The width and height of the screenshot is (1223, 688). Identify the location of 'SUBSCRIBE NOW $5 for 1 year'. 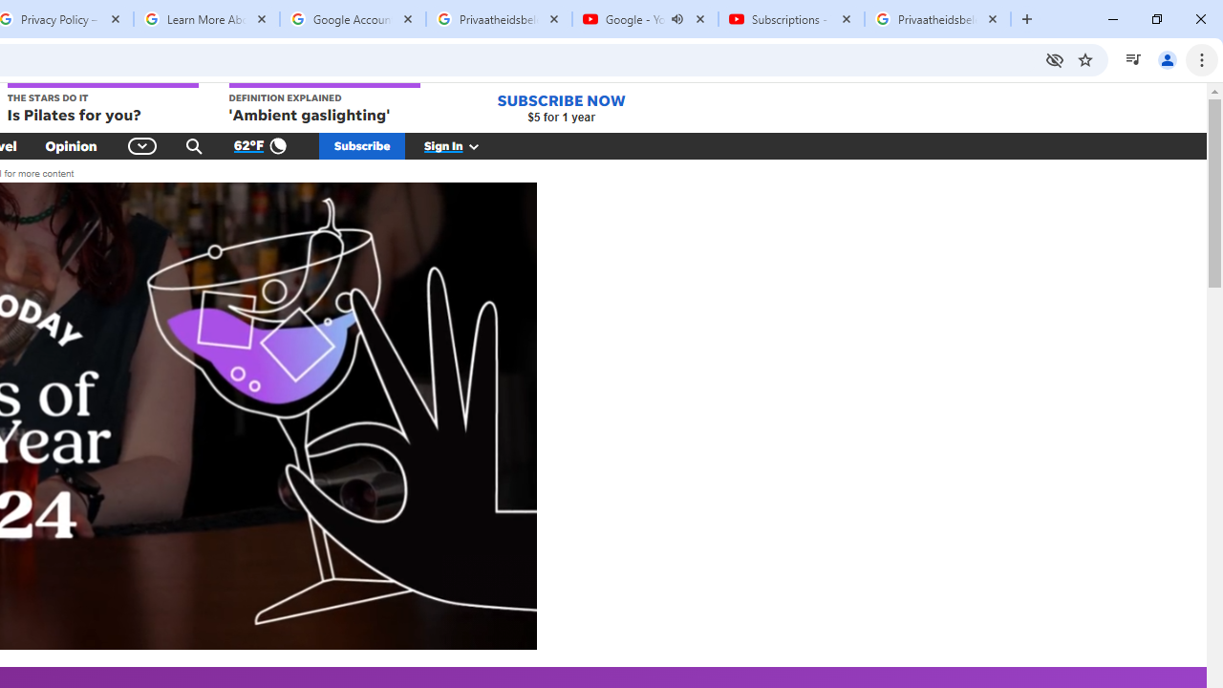
(560, 108).